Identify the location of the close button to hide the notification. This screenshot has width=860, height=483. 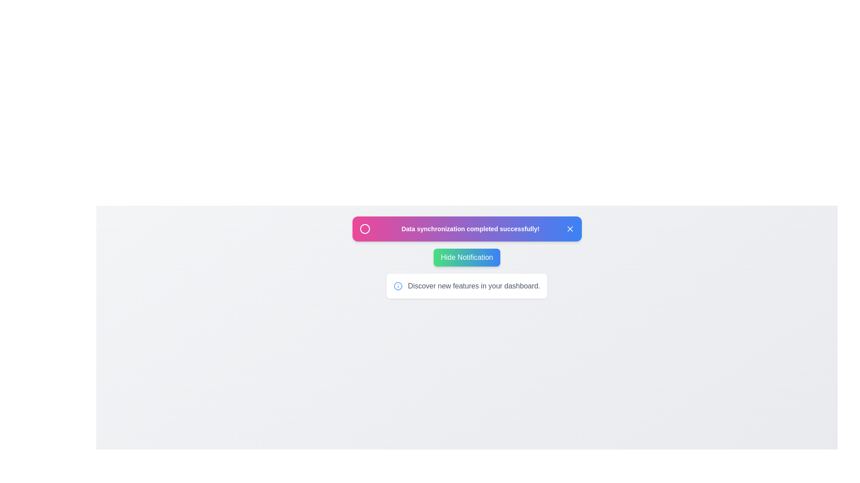
(569, 229).